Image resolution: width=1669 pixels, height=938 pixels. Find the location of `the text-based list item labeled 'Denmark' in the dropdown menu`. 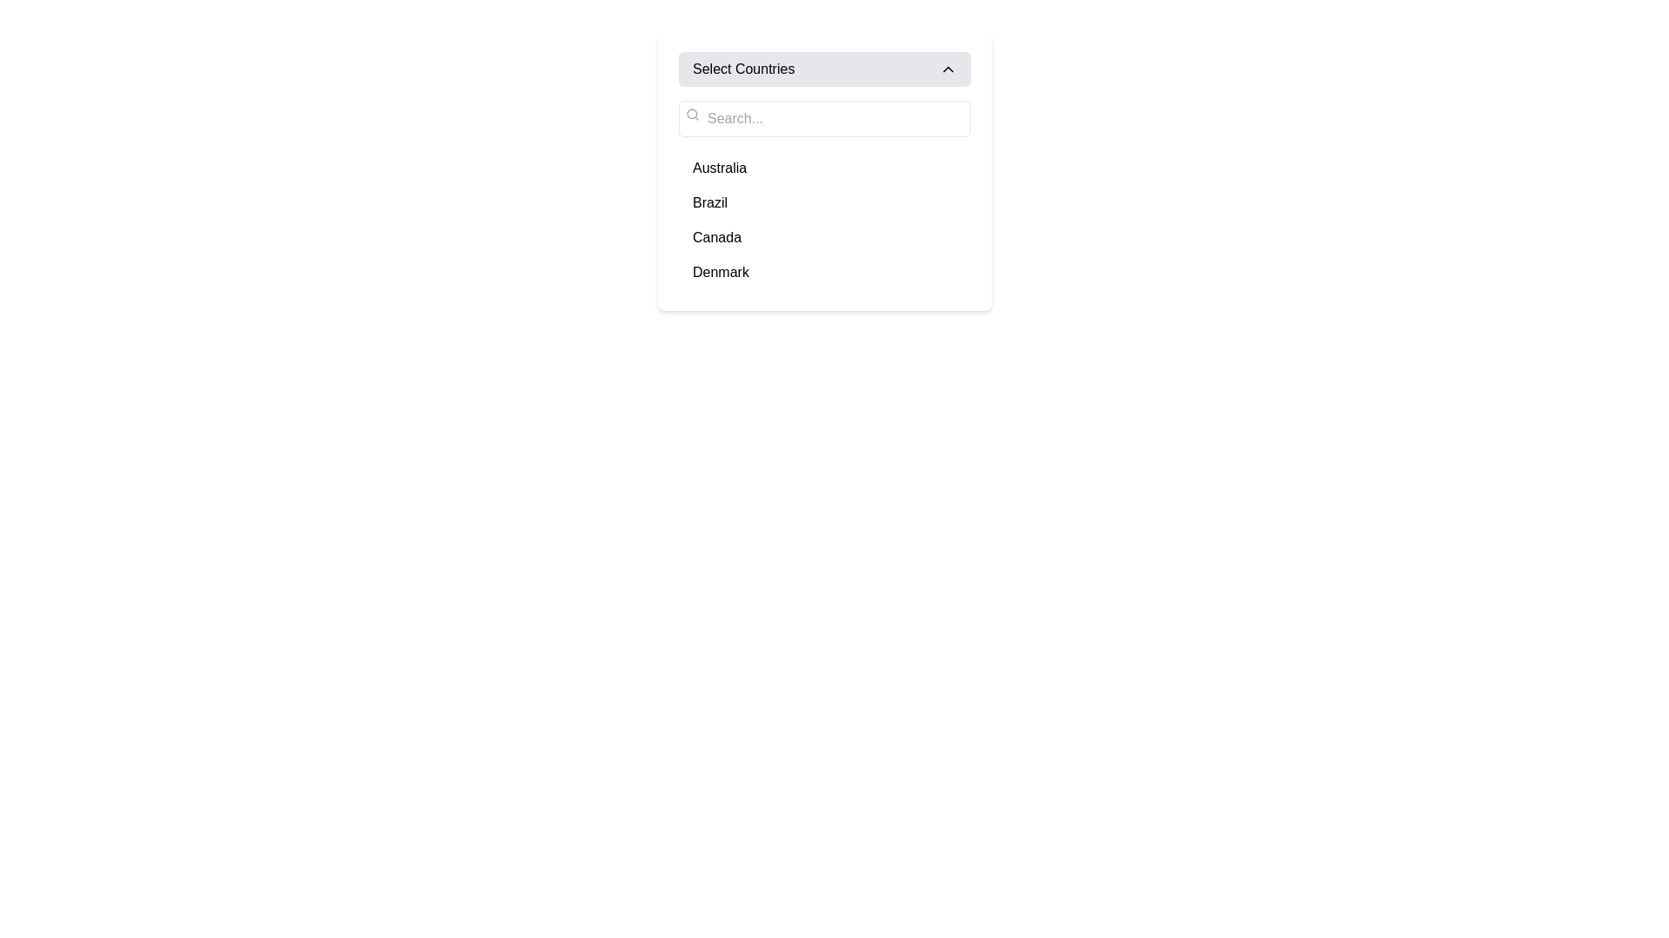

the text-based list item labeled 'Denmark' in the dropdown menu is located at coordinates (721, 272).